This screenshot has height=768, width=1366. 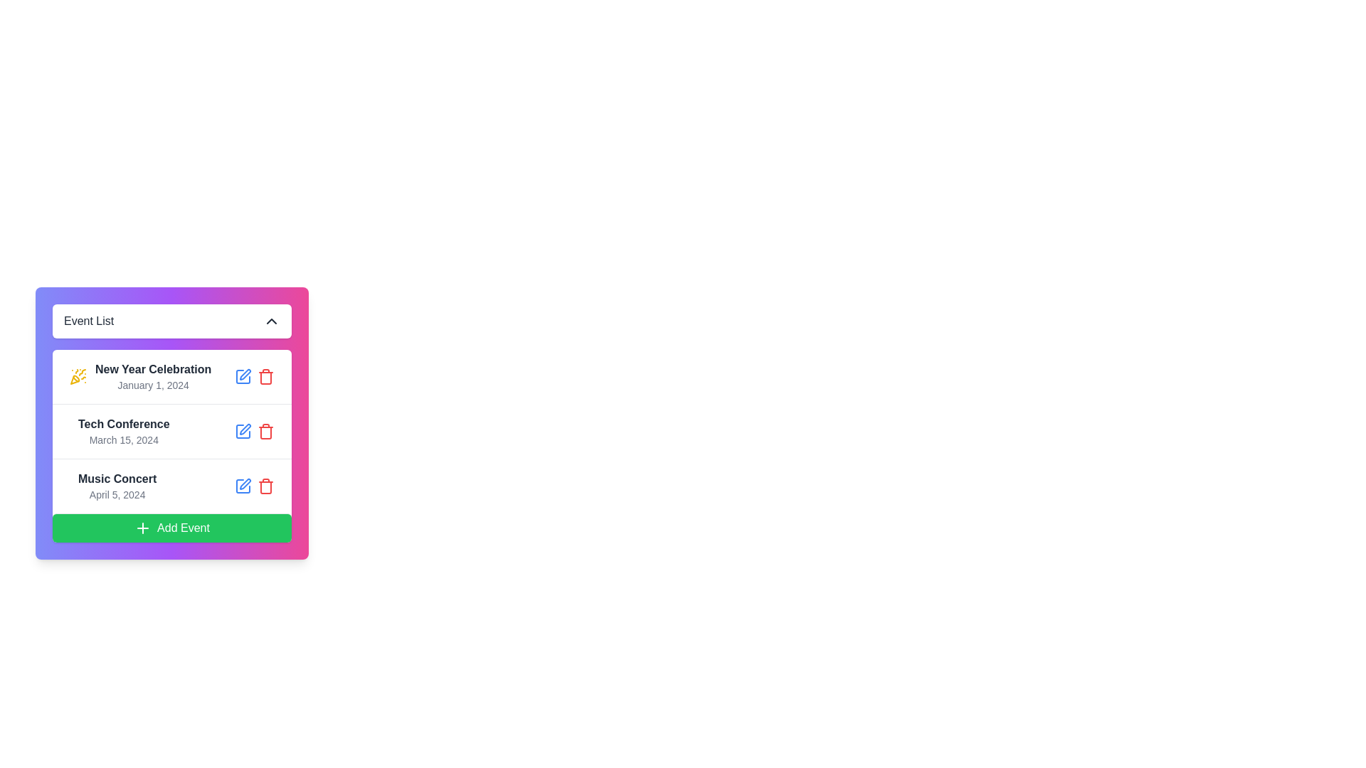 What do you see at coordinates (124, 424) in the screenshot?
I see `the static text label that serves as the title for the event, positioned above the date 'March 15, 2024' in the event list card` at bounding box center [124, 424].